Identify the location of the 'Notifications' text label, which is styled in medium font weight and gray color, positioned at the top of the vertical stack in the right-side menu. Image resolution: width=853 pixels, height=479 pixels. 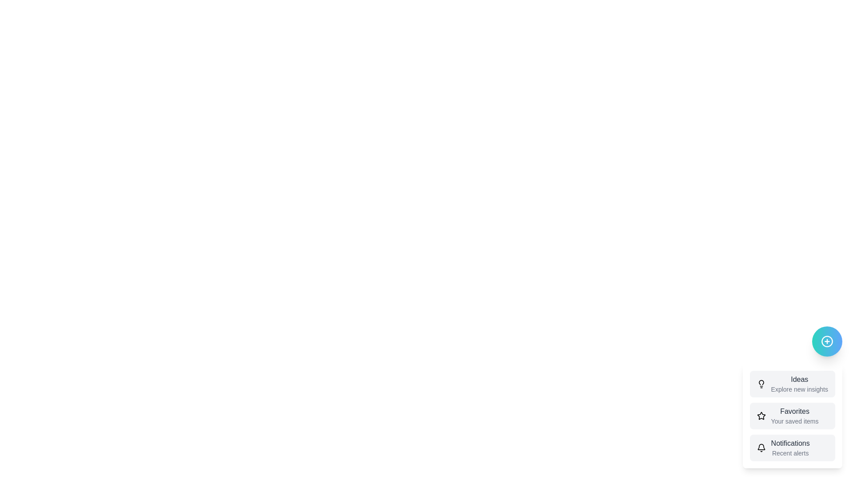
(790, 443).